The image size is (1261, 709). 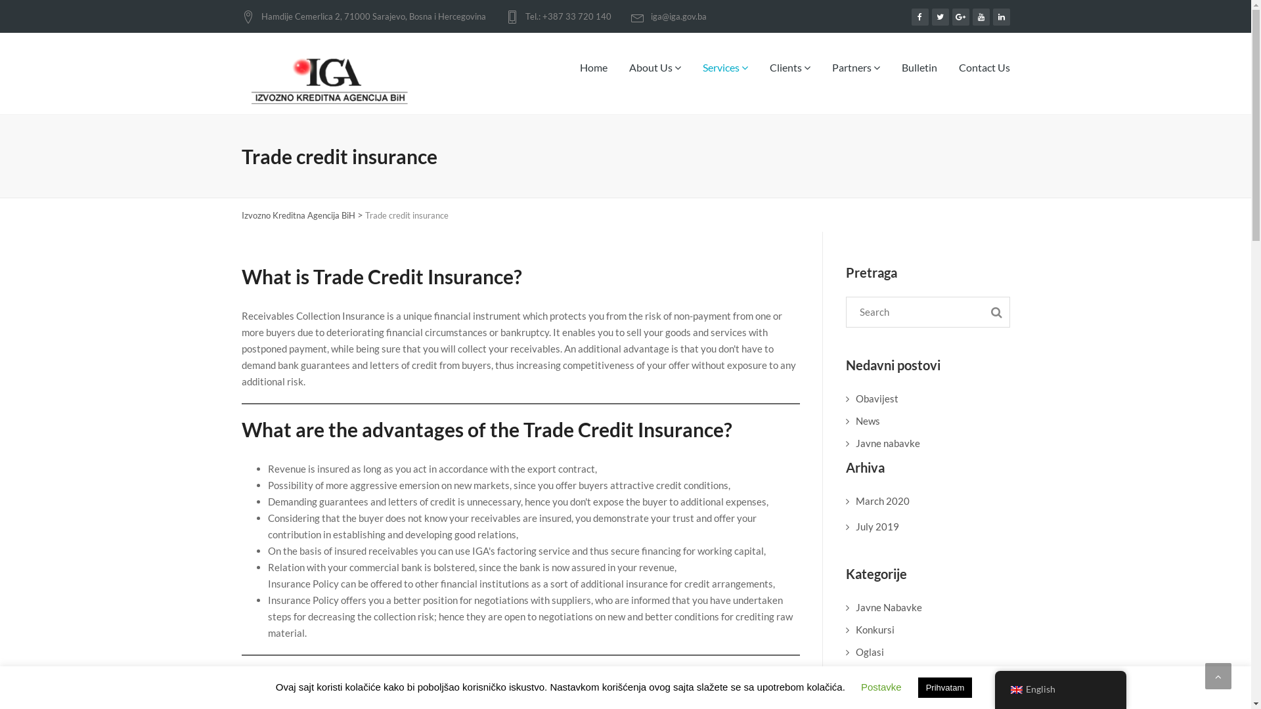 I want to click on 'Javne Nabavke', so click(x=888, y=607).